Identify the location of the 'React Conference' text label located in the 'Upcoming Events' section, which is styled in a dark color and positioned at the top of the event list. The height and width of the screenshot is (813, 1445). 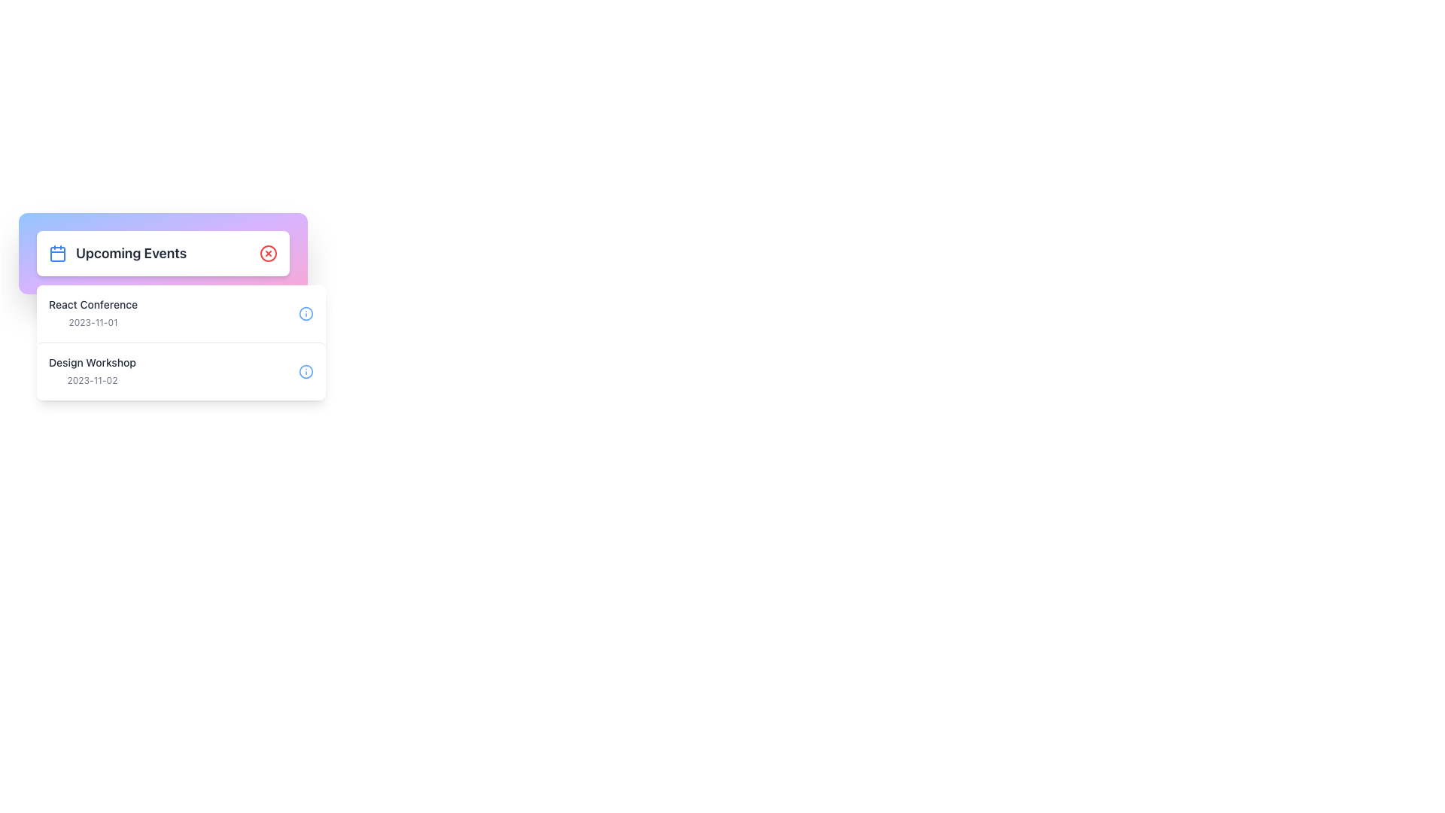
(93, 305).